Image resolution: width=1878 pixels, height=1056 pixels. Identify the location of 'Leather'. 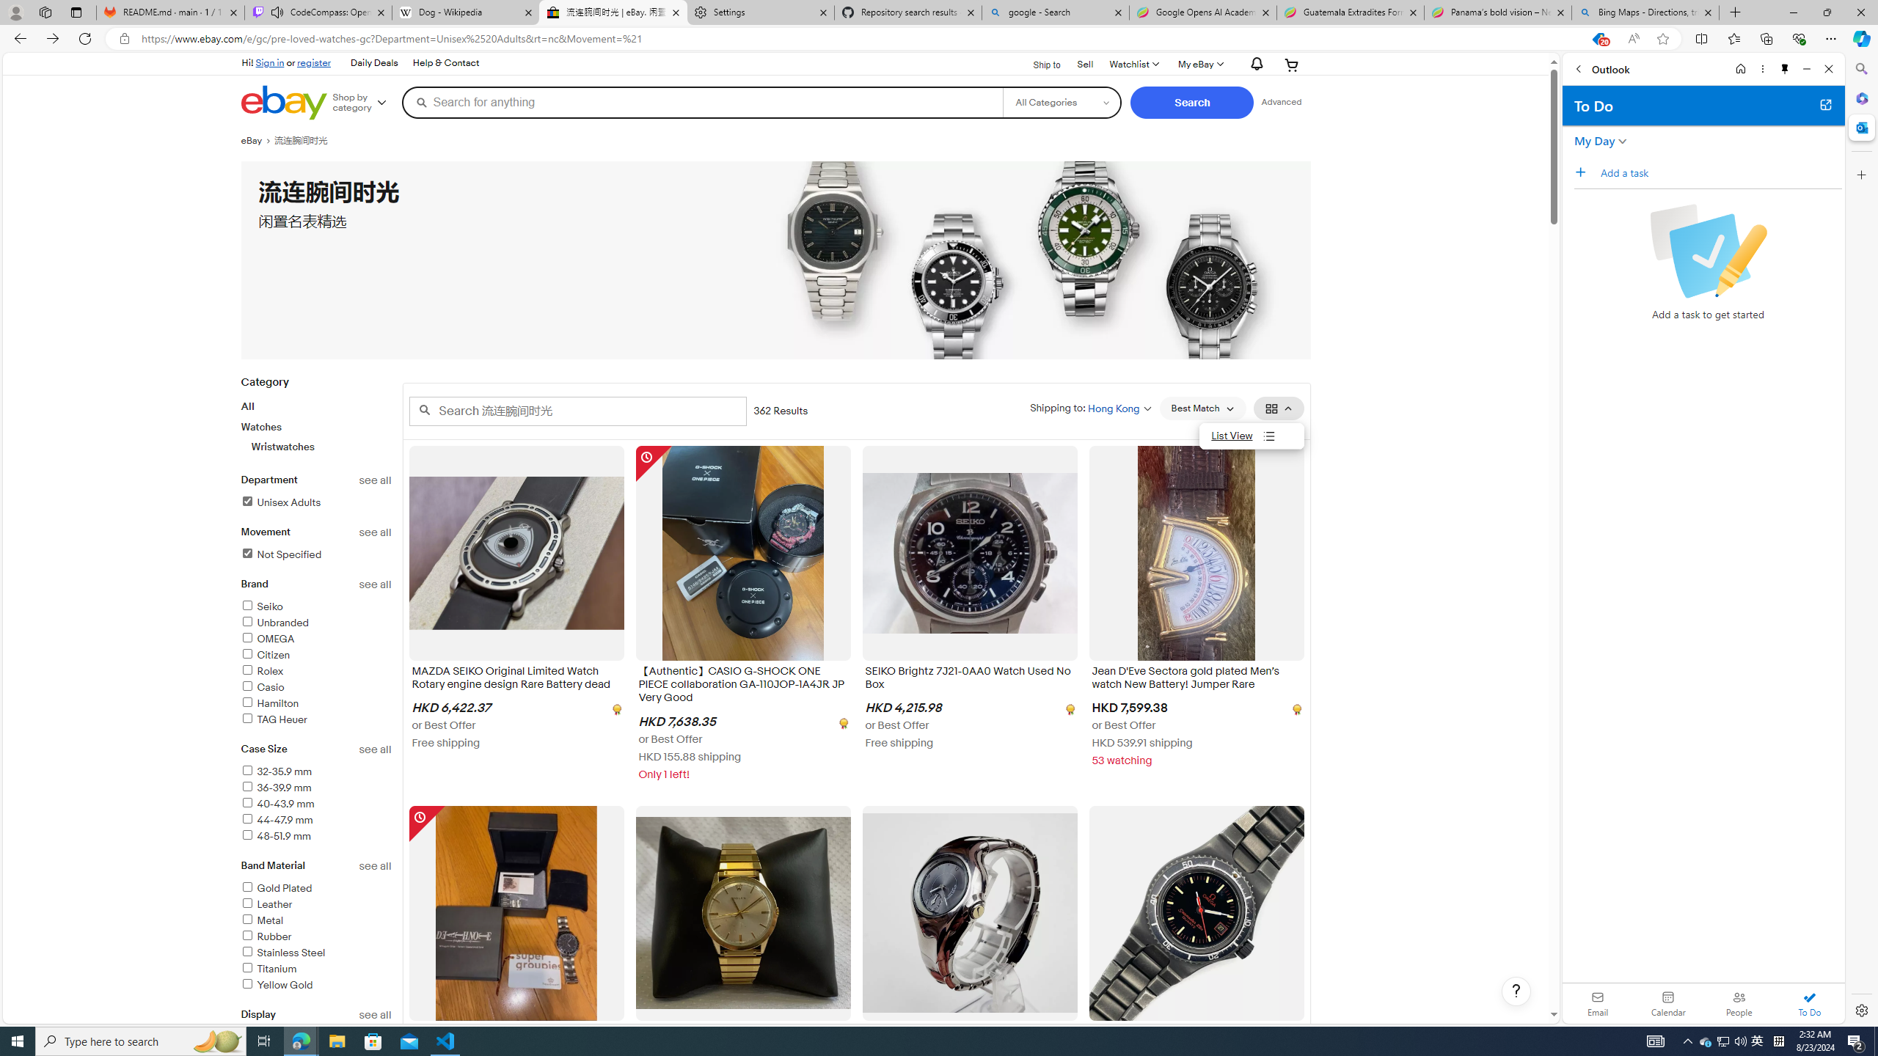
(266, 904).